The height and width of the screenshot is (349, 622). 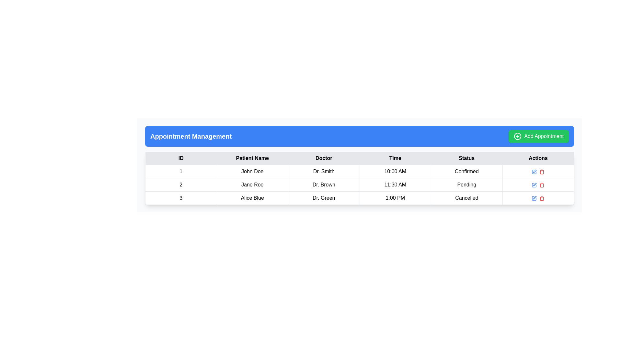 I want to click on the 'Doctor' label in the header row of the data table, which is displayed in bold black font on a light gray background, so click(x=324, y=158).